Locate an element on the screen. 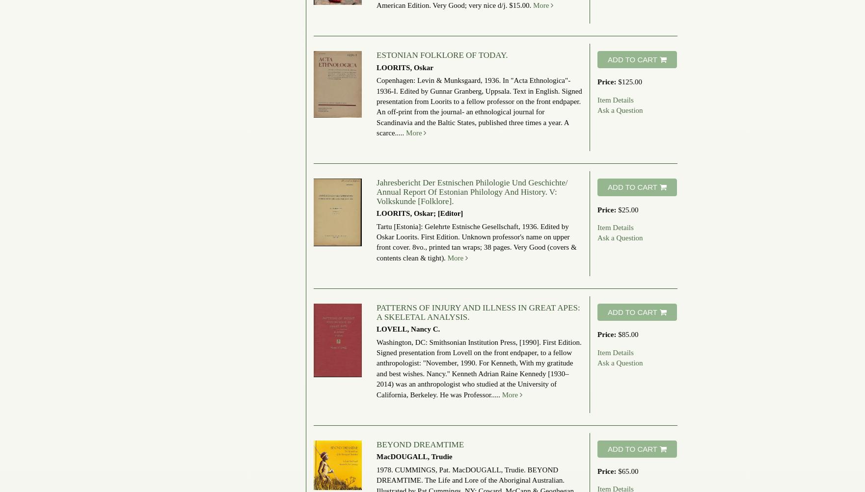  'LOVELL, Nancy C.' is located at coordinates (407, 329).